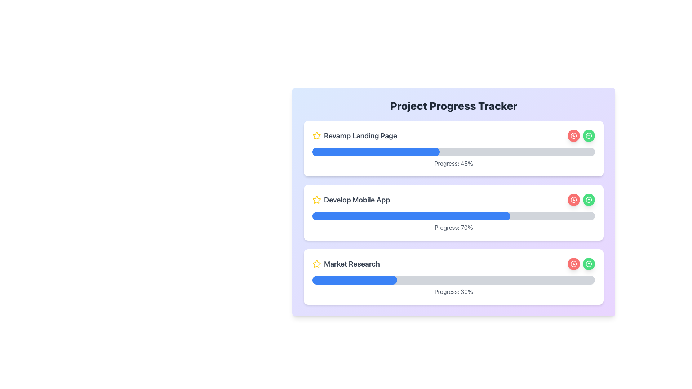  I want to click on the rating icon related to 'Market Research', so click(316, 264).